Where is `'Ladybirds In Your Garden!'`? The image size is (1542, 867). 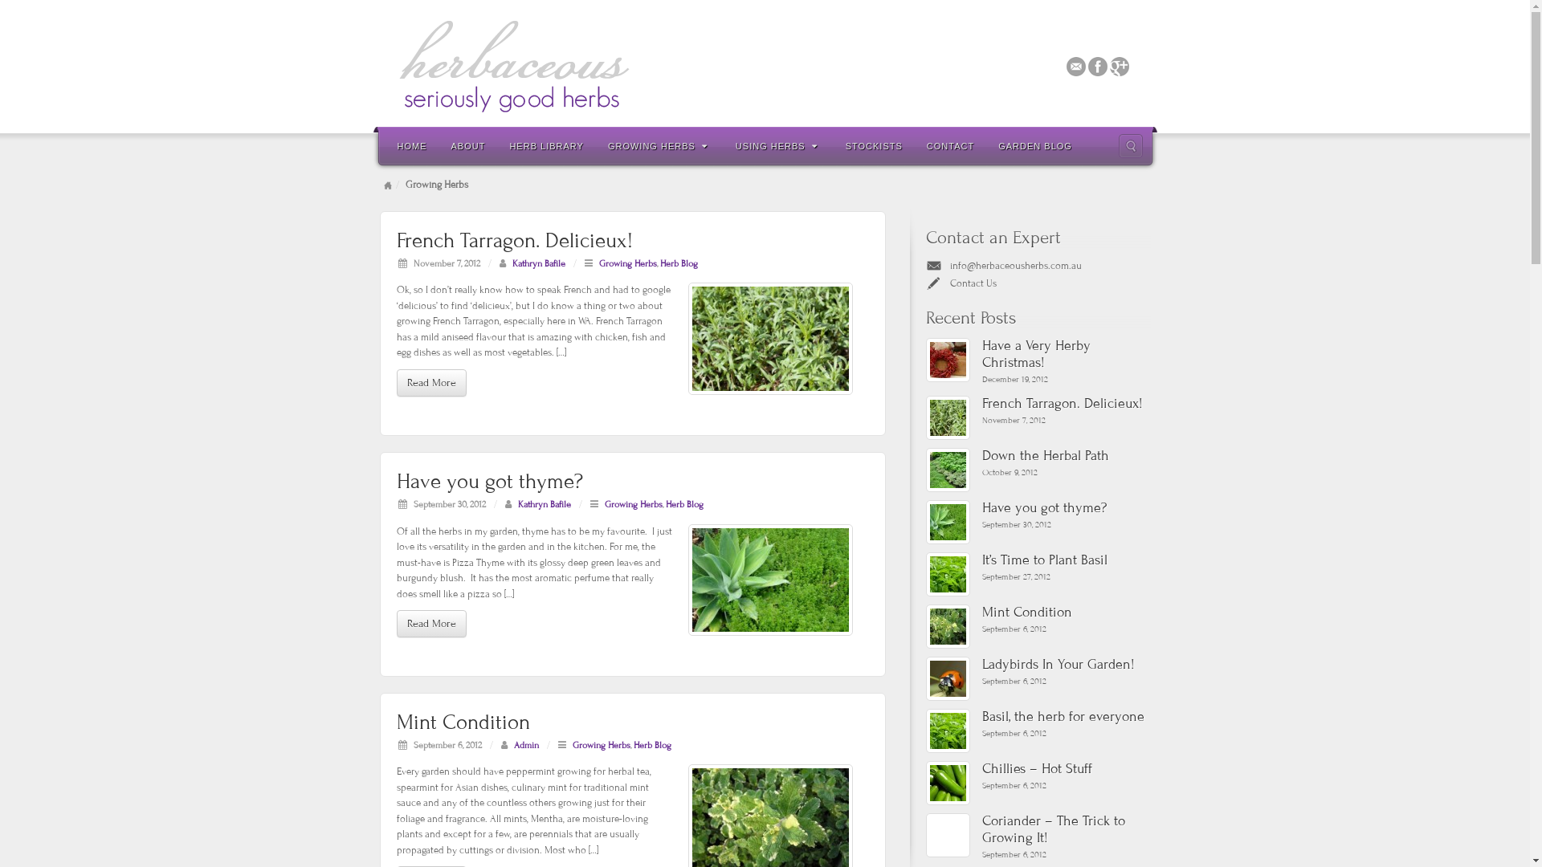 'Ladybirds In Your Garden!' is located at coordinates (925, 678).